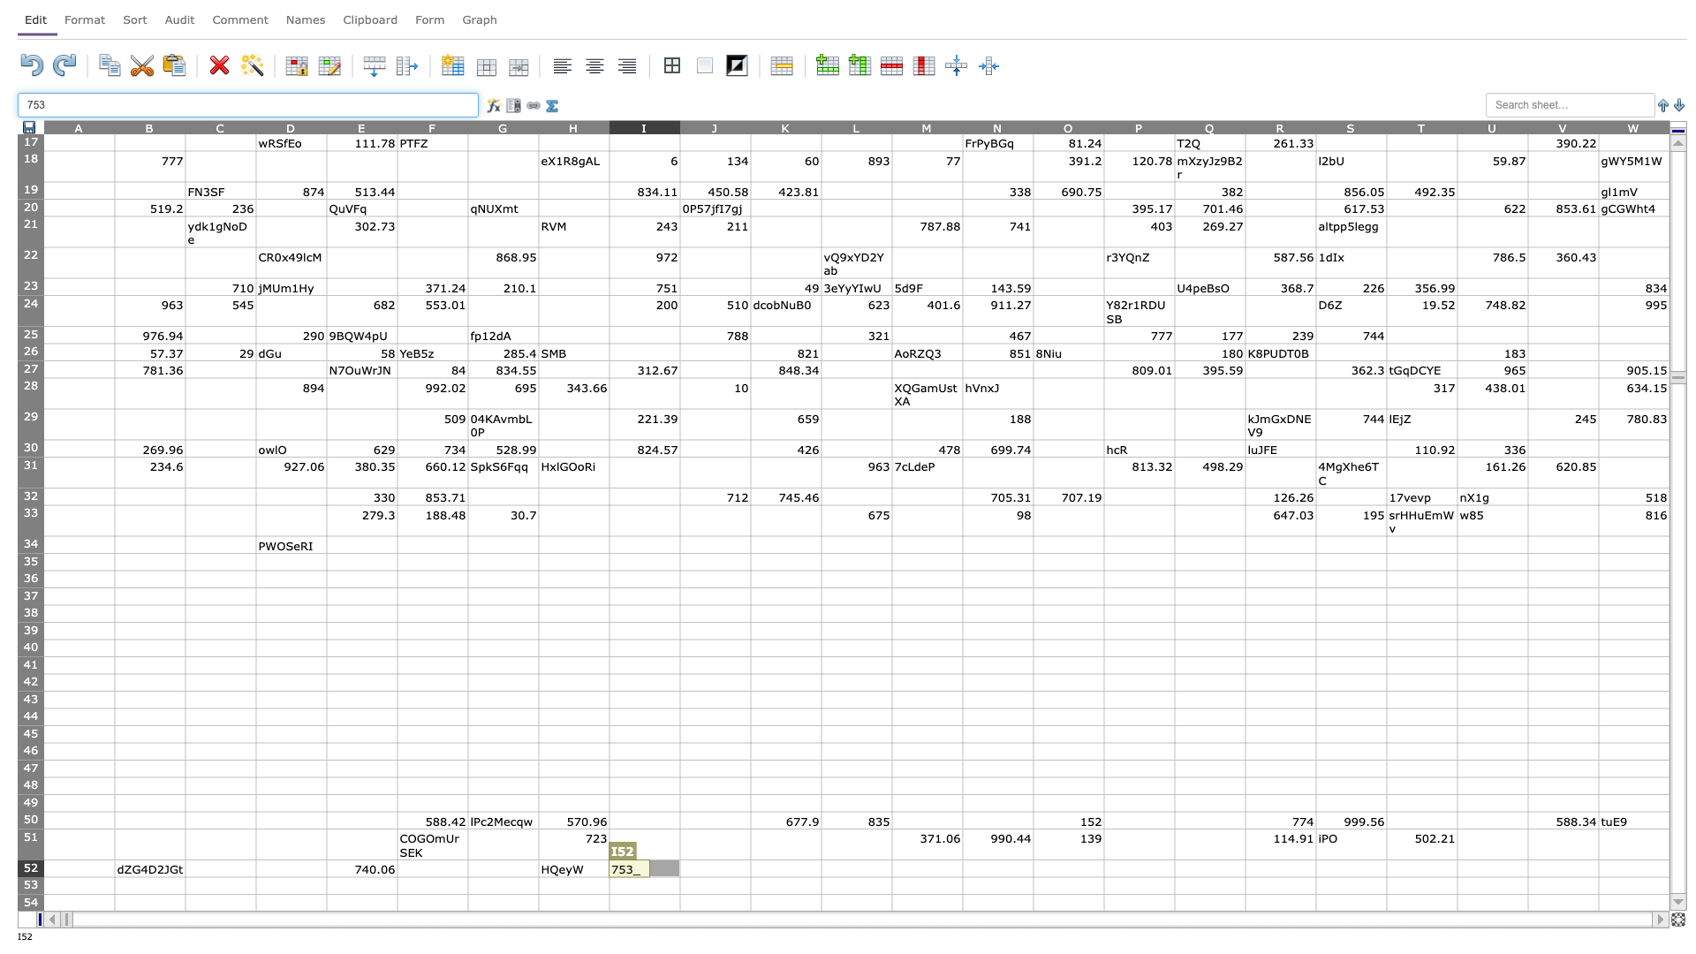 The height and width of the screenshot is (954, 1696). Describe the element at coordinates (891, 859) in the screenshot. I see `top left at column M row 52` at that location.